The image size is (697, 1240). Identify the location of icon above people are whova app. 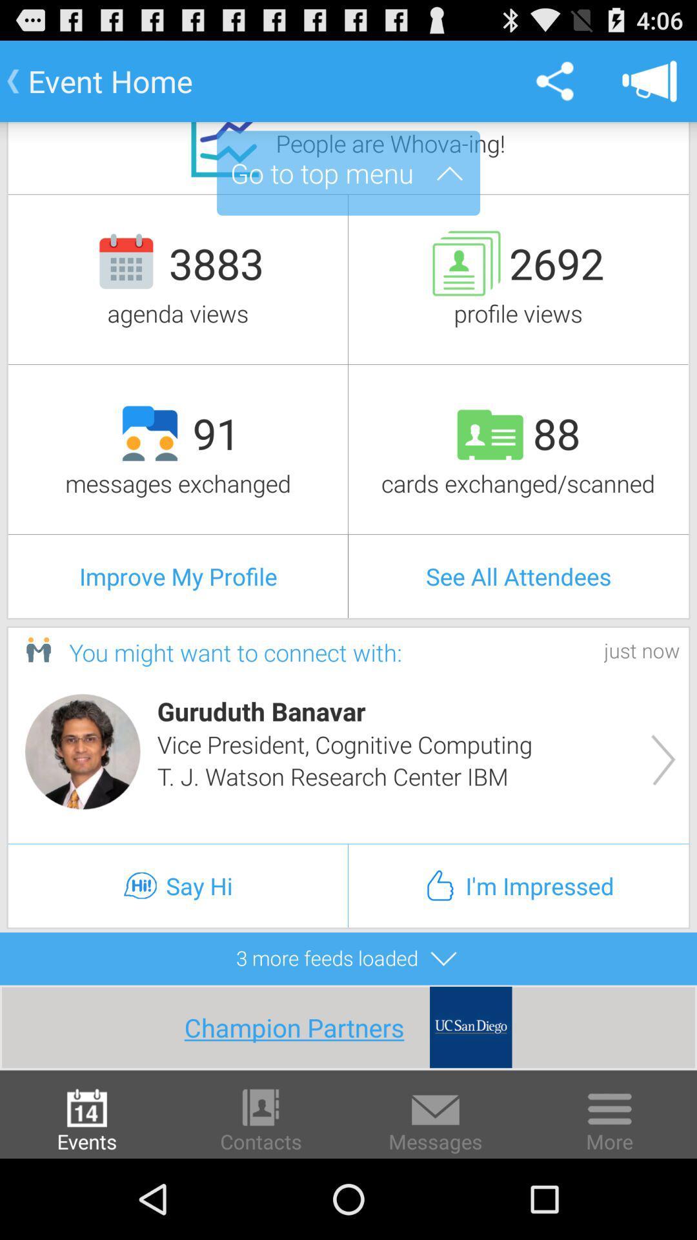
(554, 80).